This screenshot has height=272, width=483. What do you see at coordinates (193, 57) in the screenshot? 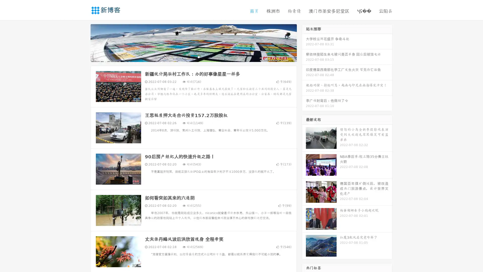
I see `Go to slide 2` at bounding box center [193, 57].